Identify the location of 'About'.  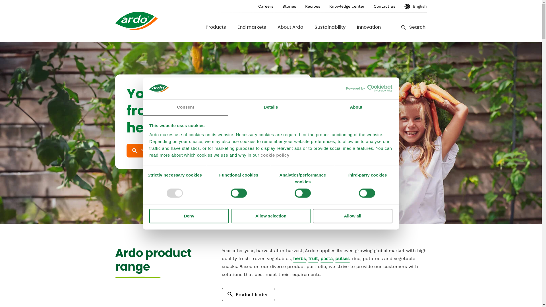
(356, 107).